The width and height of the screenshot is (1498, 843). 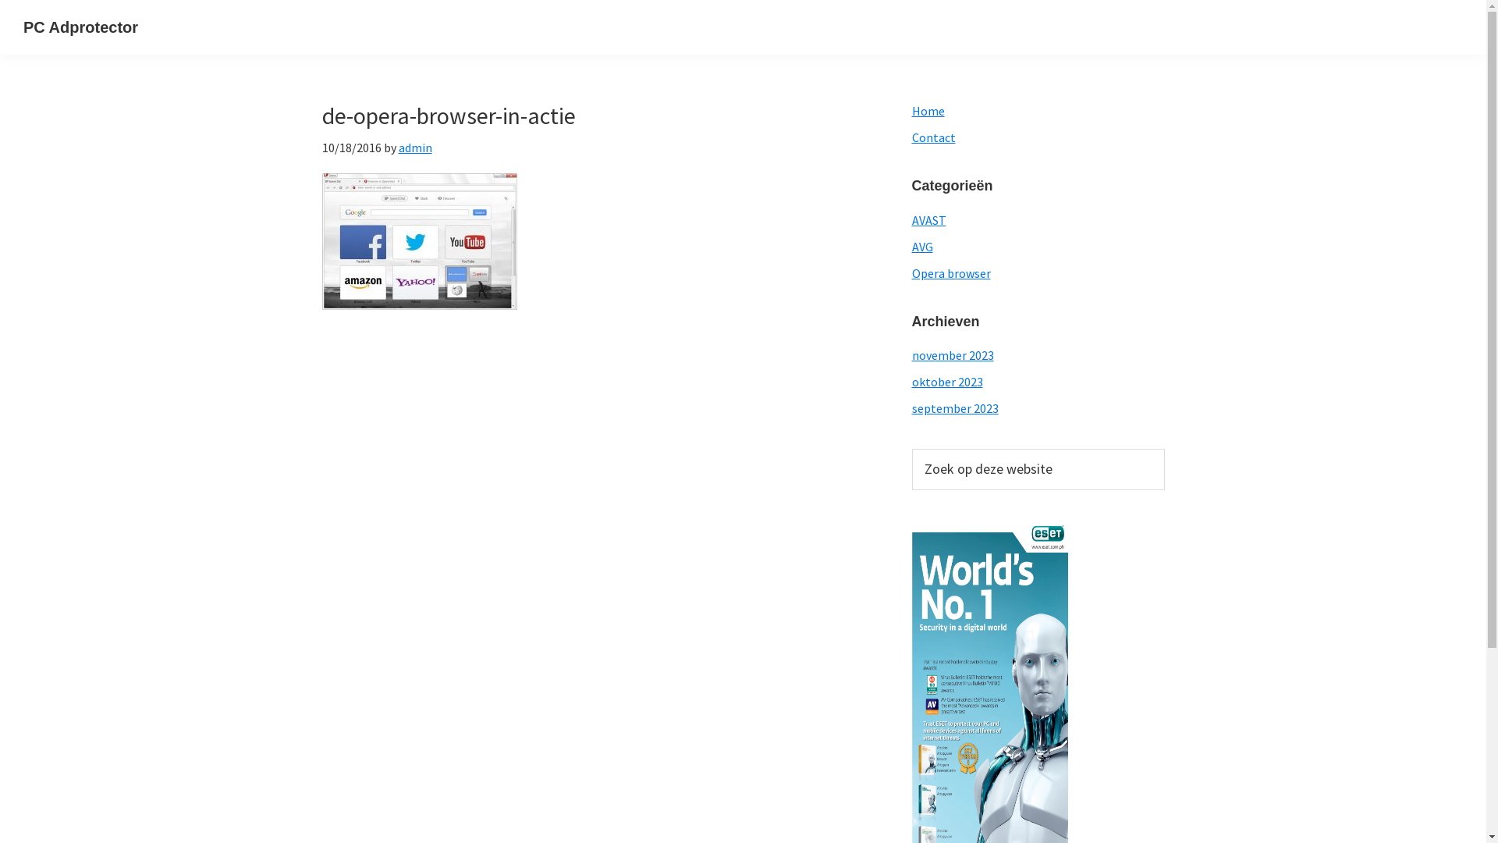 What do you see at coordinates (928, 219) in the screenshot?
I see `'AVAST'` at bounding box center [928, 219].